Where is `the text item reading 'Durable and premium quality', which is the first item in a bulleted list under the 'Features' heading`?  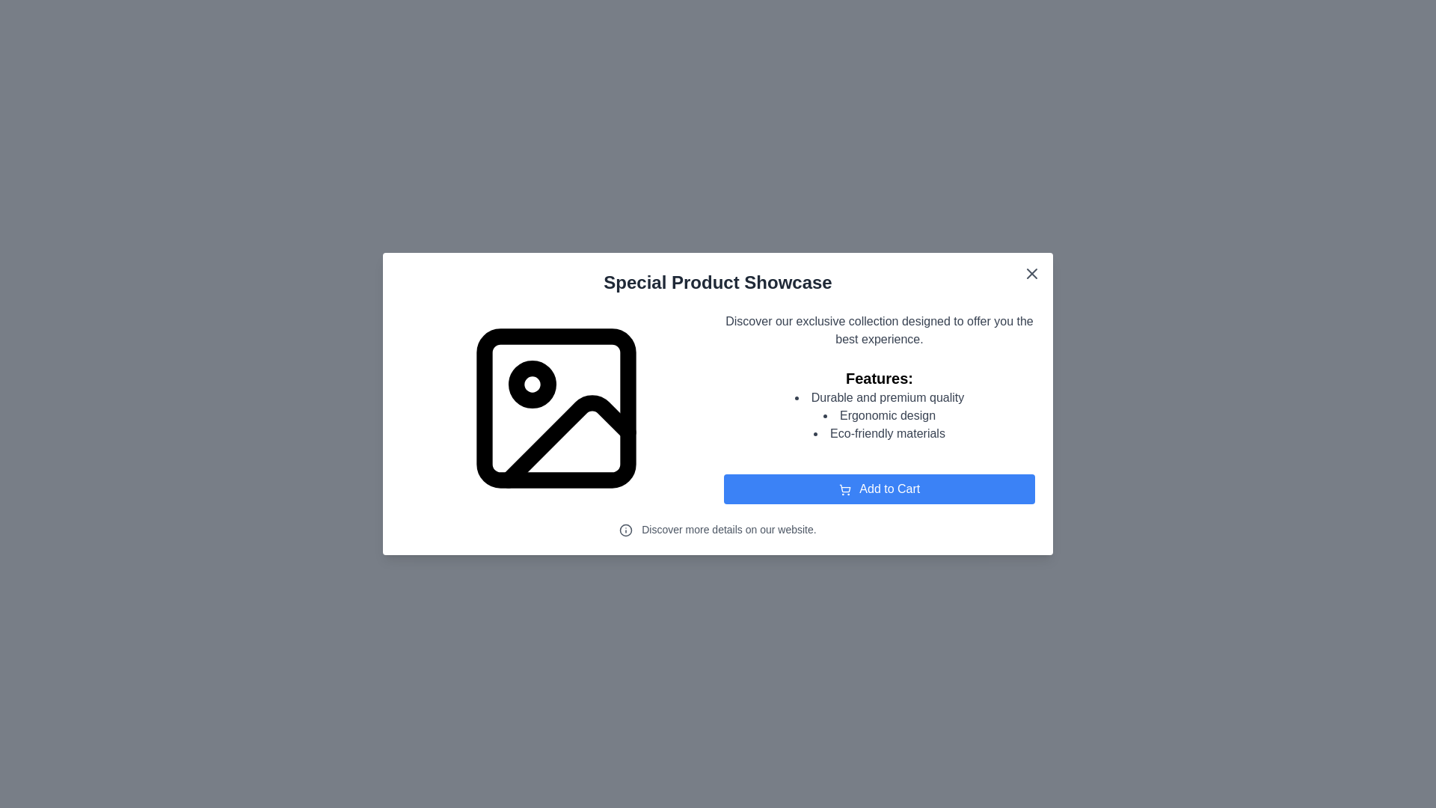
the text item reading 'Durable and premium quality', which is the first item in a bulleted list under the 'Features' heading is located at coordinates (880, 397).